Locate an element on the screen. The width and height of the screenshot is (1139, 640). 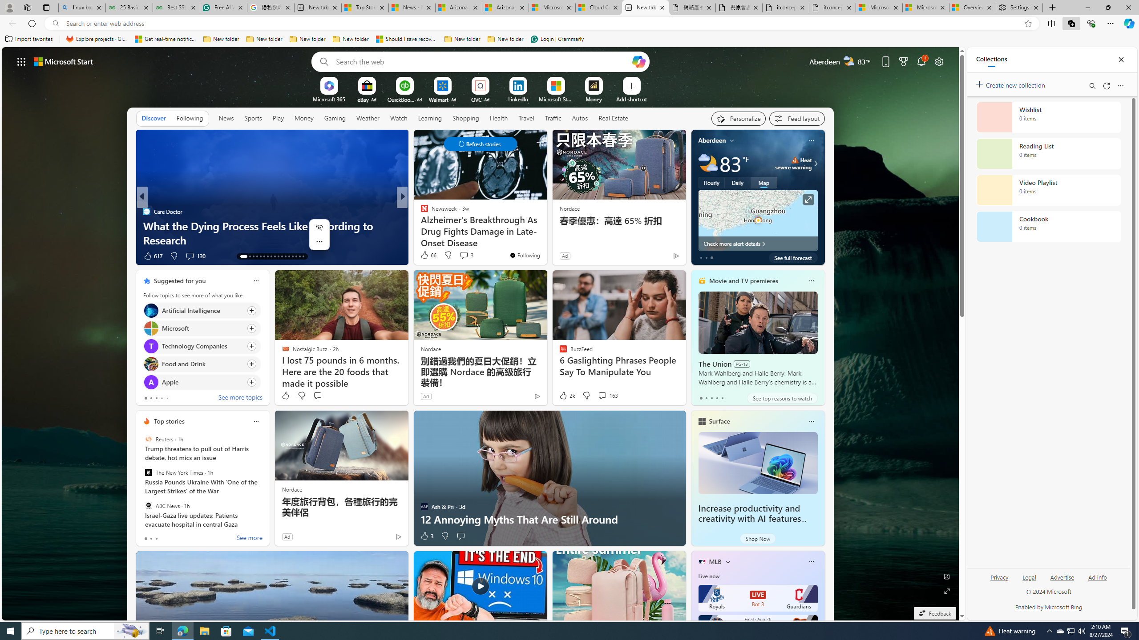
'107 Like' is located at coordinates (426, 256).